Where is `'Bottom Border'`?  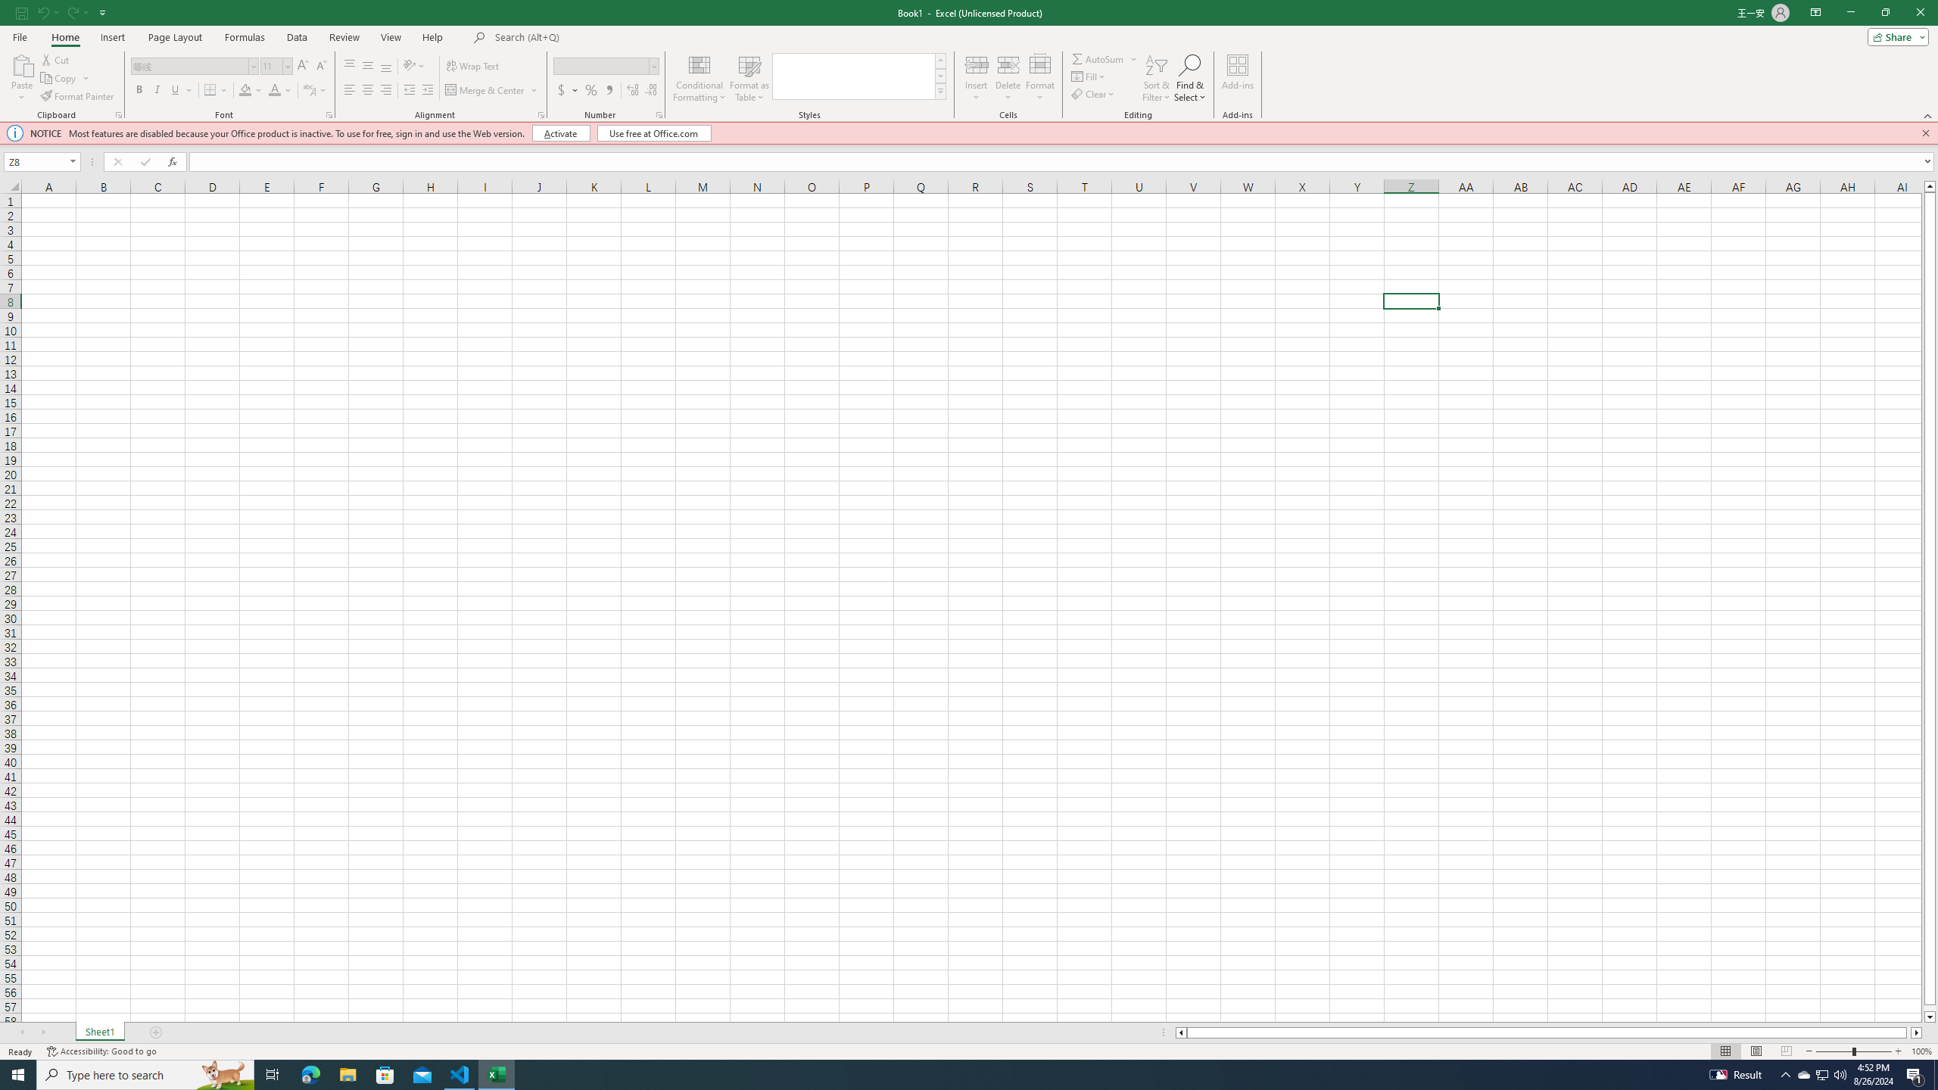 'Bottom Border' is located at coordinates (210, 89).